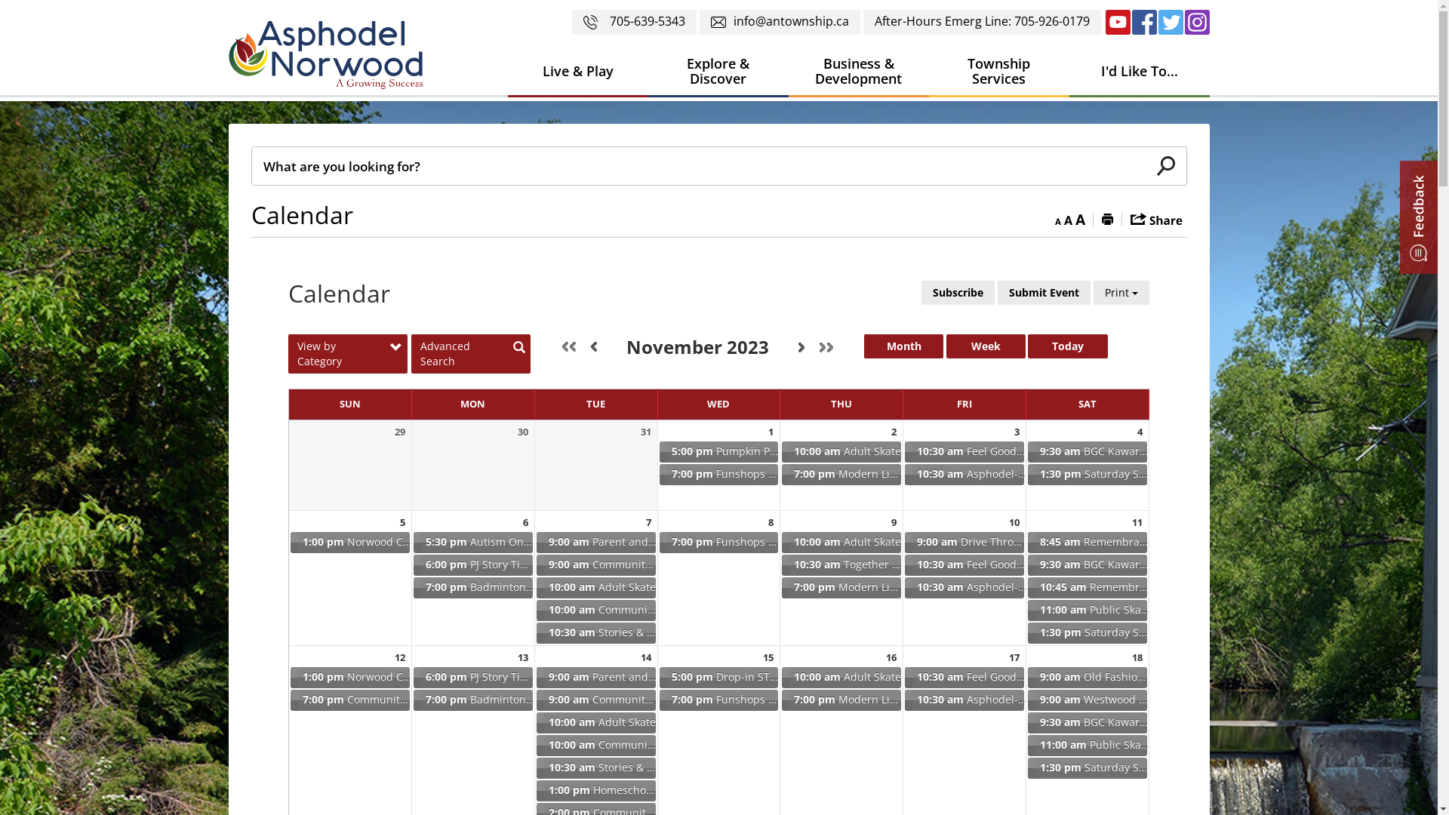 The width and height of the screenshot is (1449, 815). I want to click on '8:45 am Remembrance Day Service', so click(1087, 541).